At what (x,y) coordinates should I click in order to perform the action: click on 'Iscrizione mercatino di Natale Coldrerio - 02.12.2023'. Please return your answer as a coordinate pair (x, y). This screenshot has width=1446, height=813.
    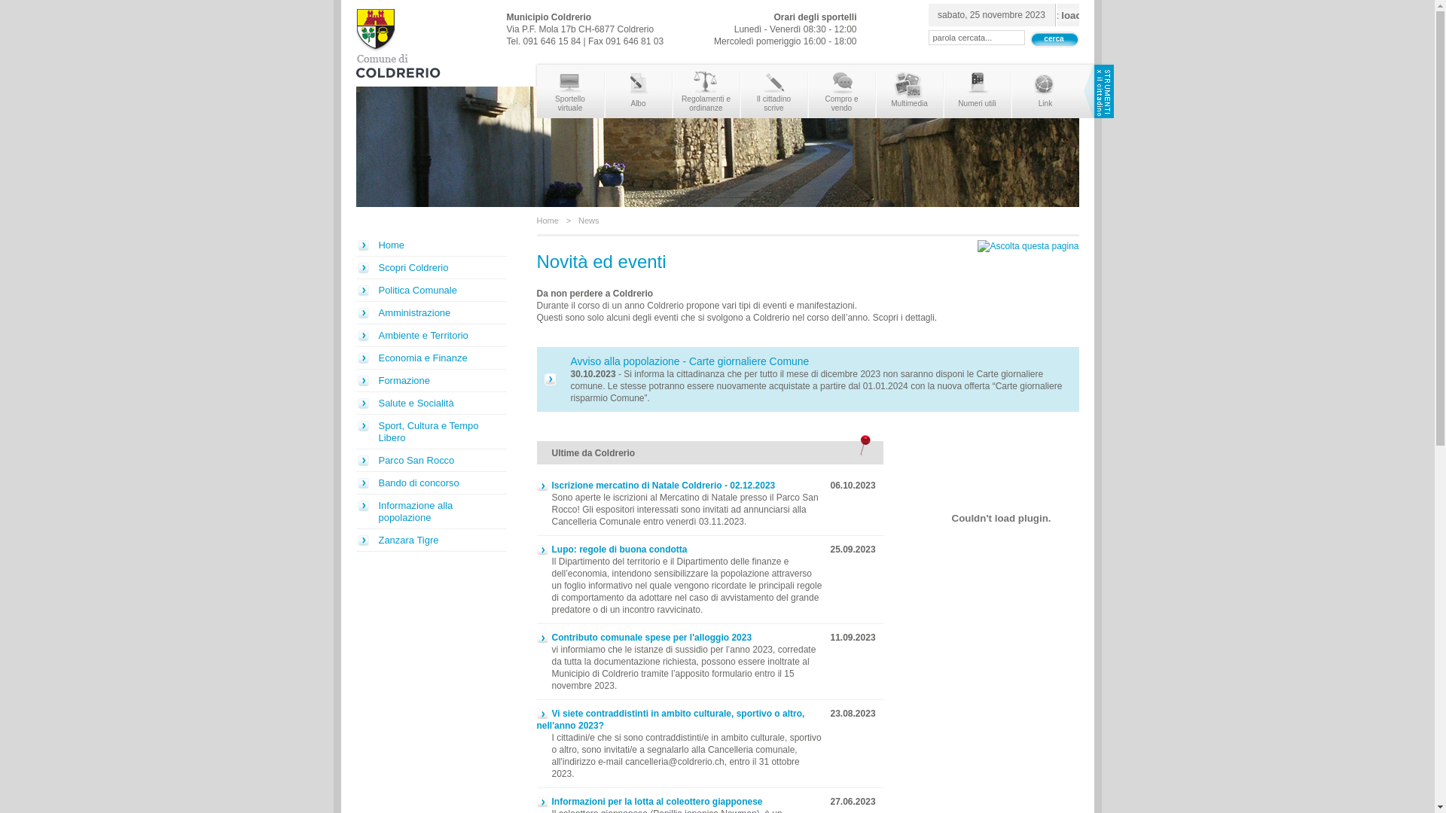
    Looking at the image, I should click on (655, 485).